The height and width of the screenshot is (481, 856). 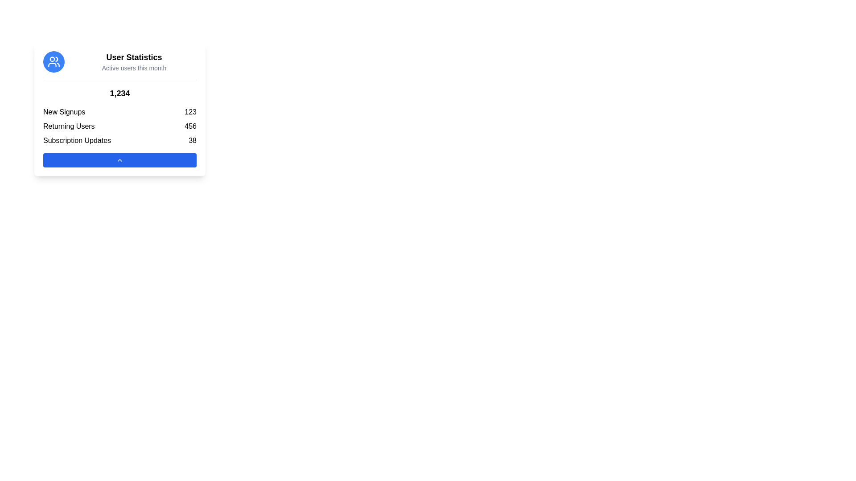 What do you see at coordinates (119, 93) in the screenshot?
I see `the text label displaying the numeric value '1,234', which is emphasized in a bold, large font, located centrally within the statistics card below the section header 'Active users this month.'` at bounding box center [119, 93].